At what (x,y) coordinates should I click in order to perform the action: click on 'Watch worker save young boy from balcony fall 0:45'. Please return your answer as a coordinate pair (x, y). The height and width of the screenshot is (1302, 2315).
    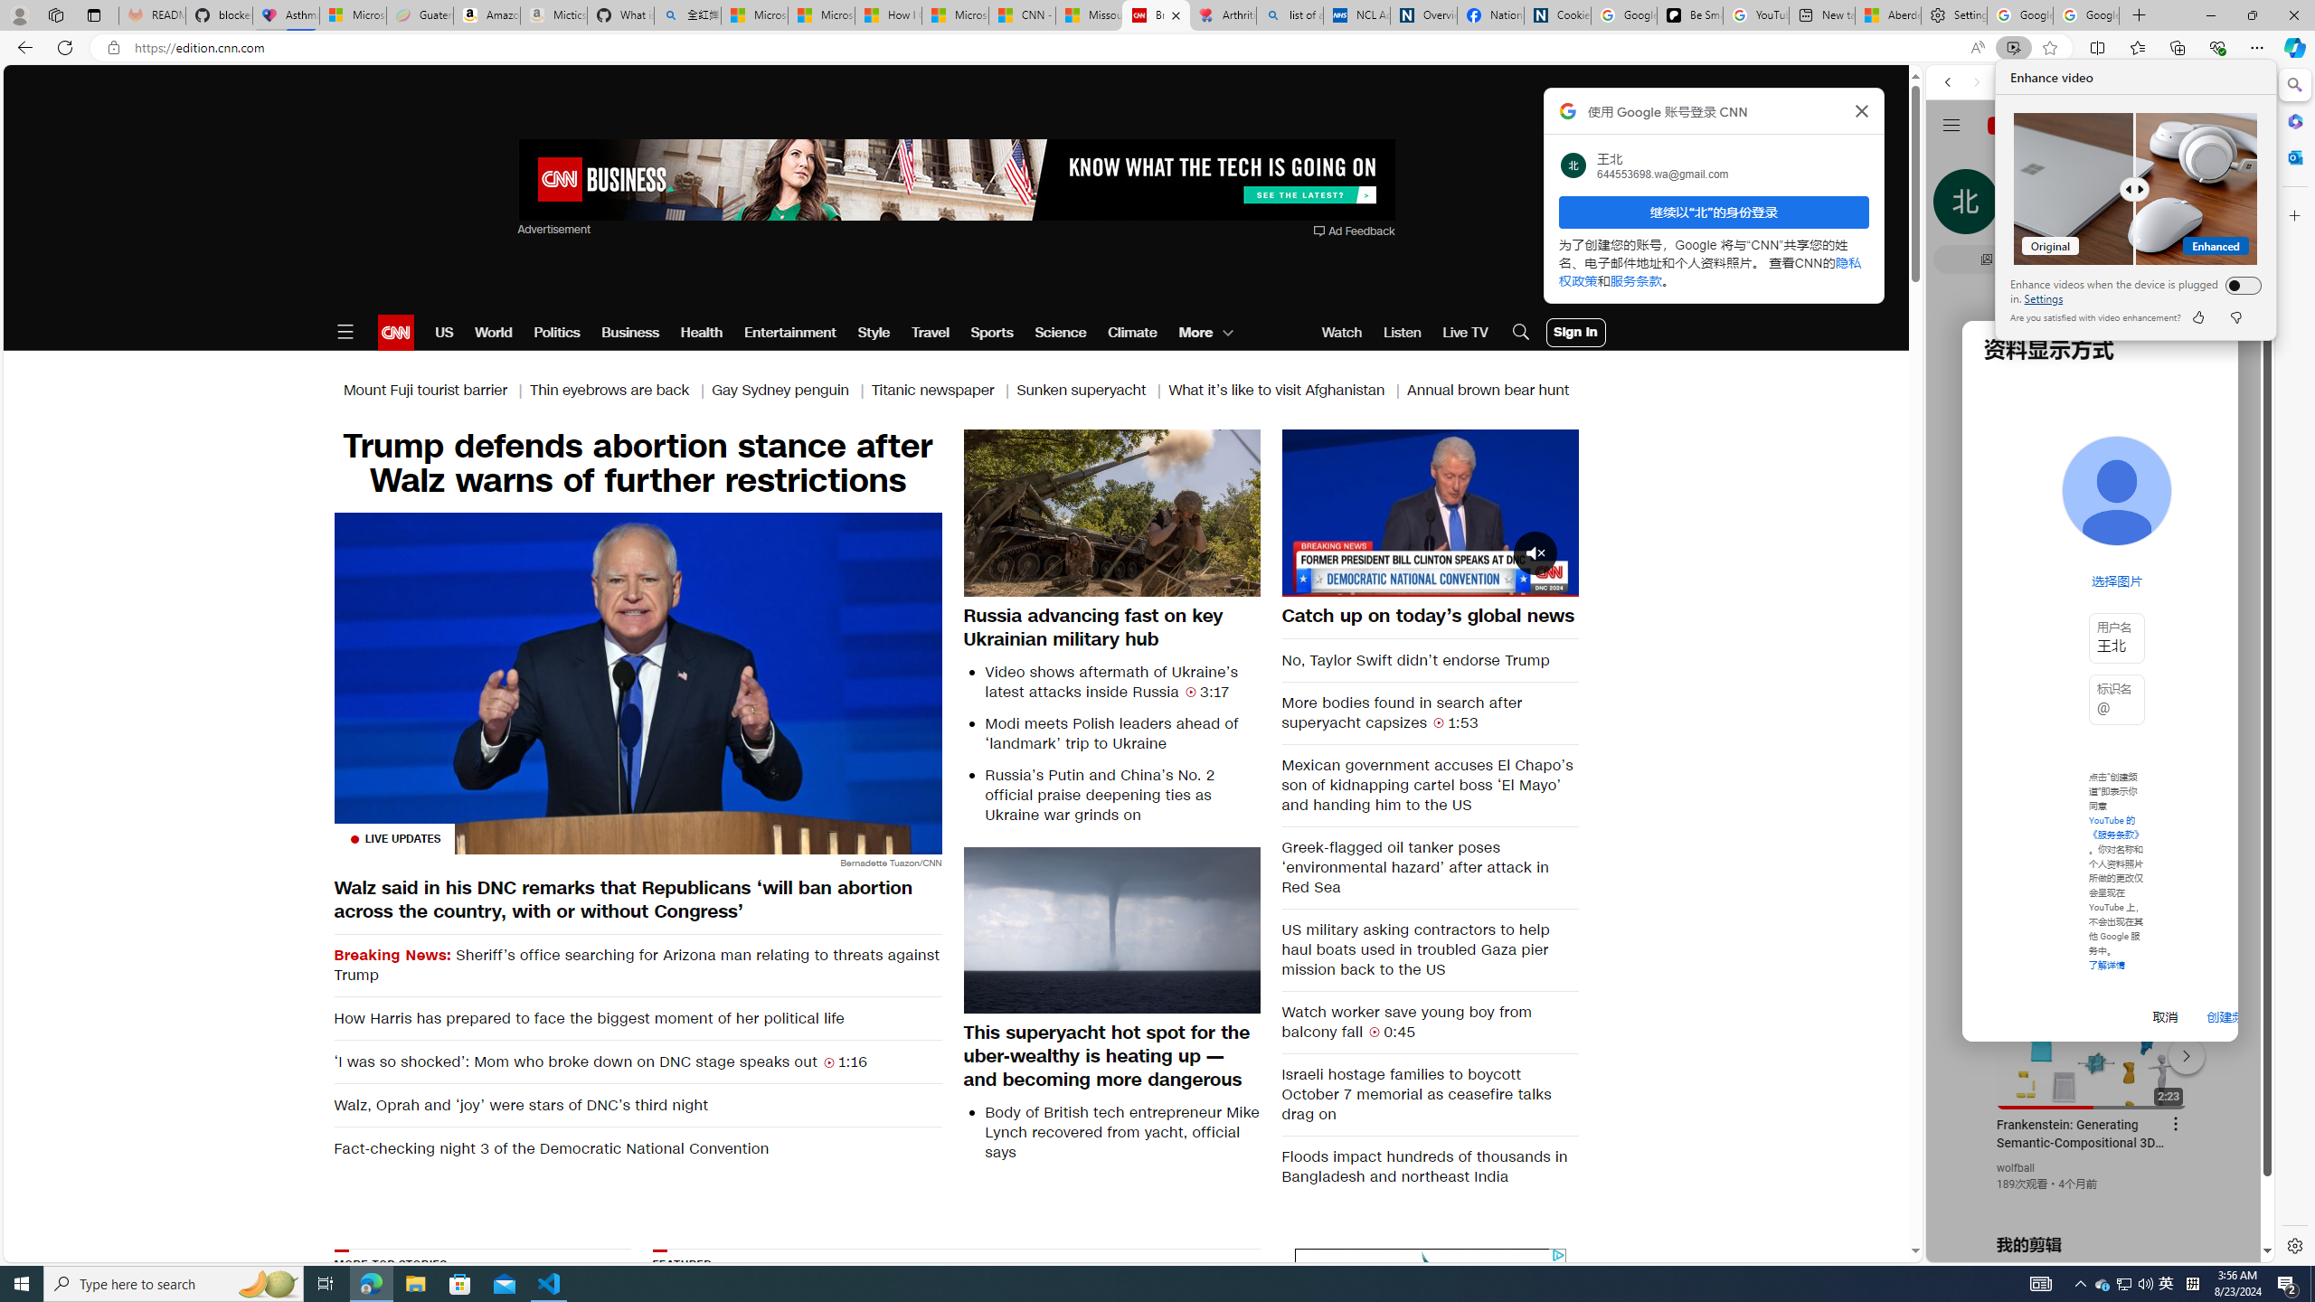
    Looking at the image, I should click on (1430, 1021).